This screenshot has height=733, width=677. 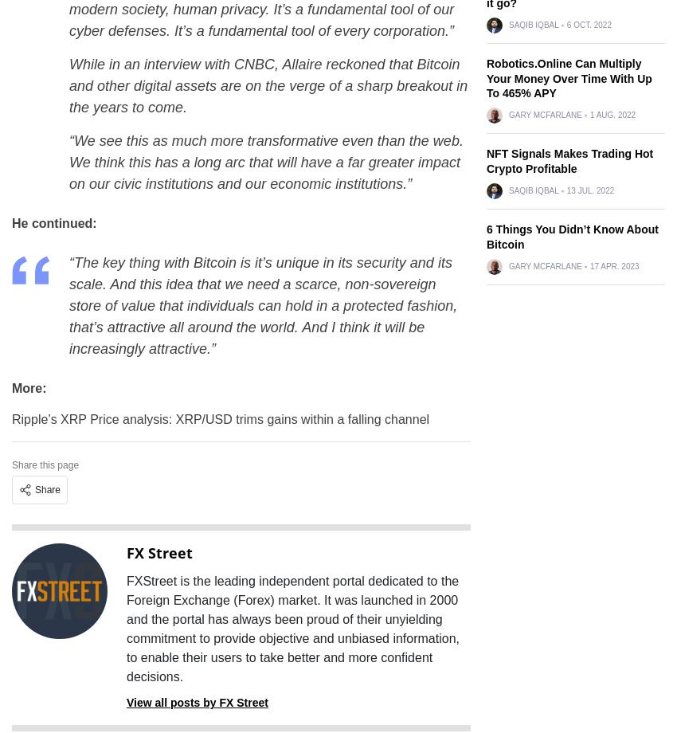 What do you see at coordinates (28, 388) in the screenshot?
I see `'More:'` at bounding box center [28, 388].